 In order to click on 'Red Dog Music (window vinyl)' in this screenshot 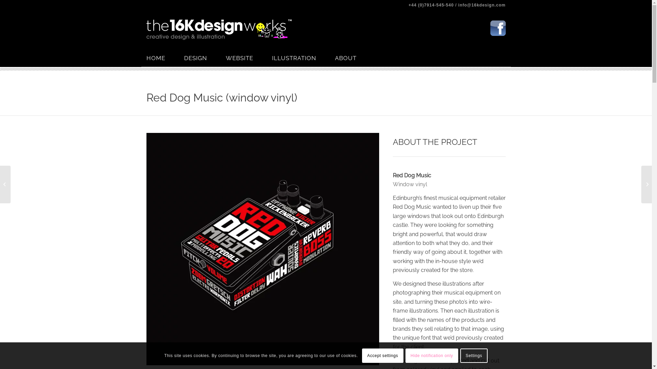, I will do `click(222, 97)`.